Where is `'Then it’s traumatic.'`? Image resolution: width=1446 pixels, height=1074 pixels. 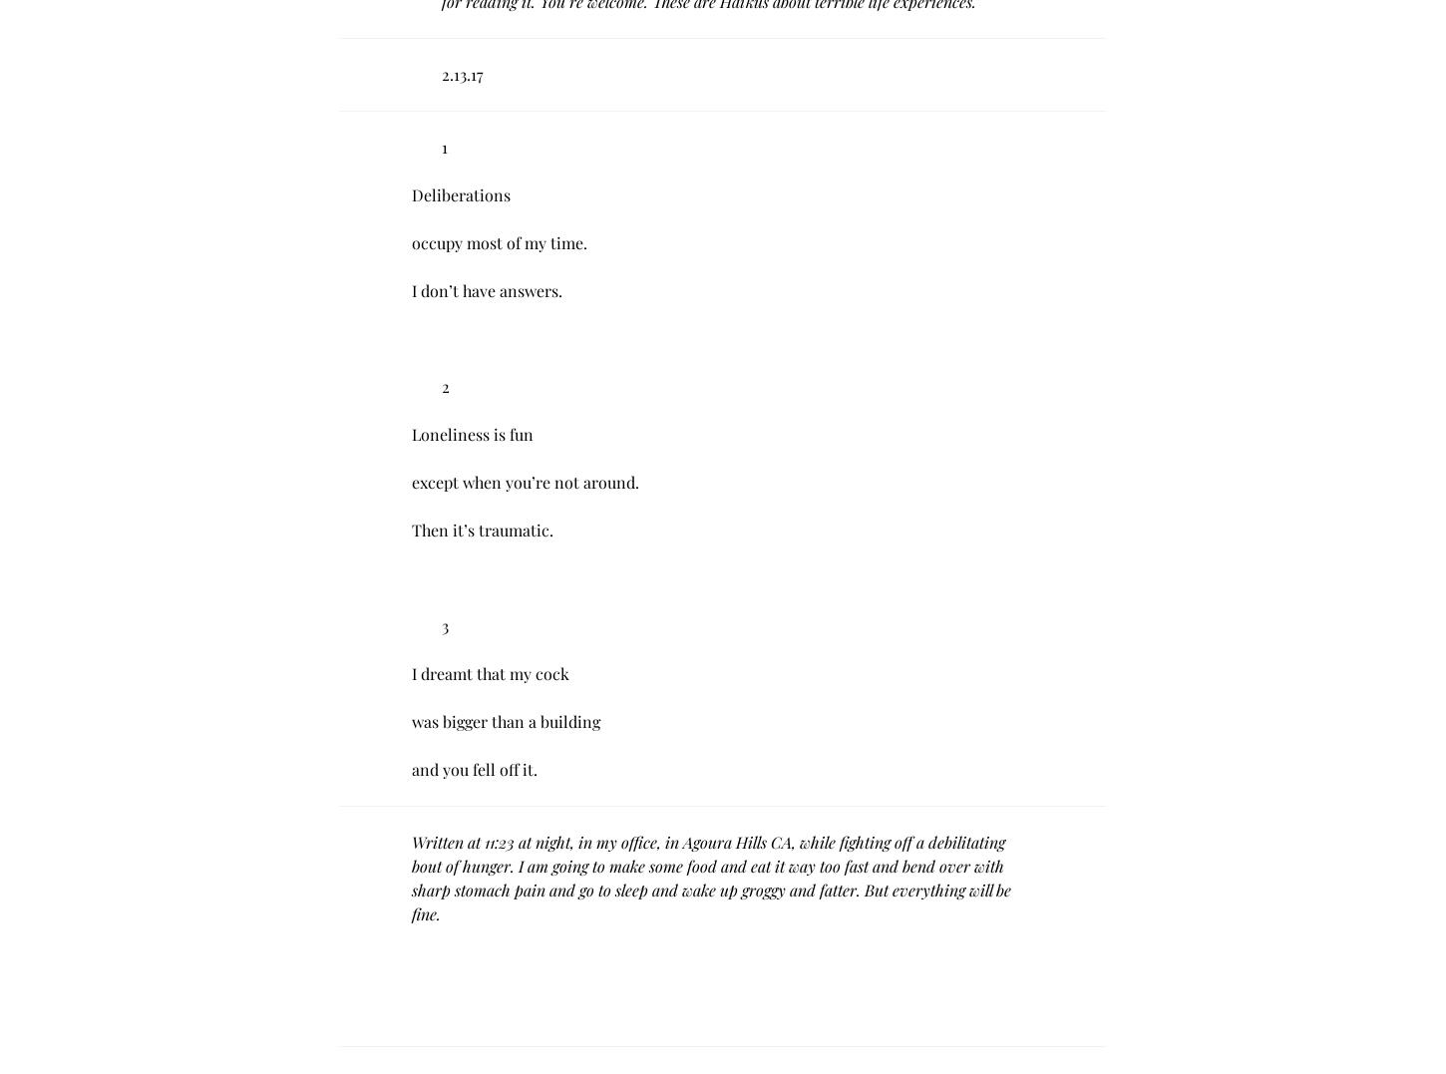 'Then it’s traumatic.' is located at coordinates (410, 529).